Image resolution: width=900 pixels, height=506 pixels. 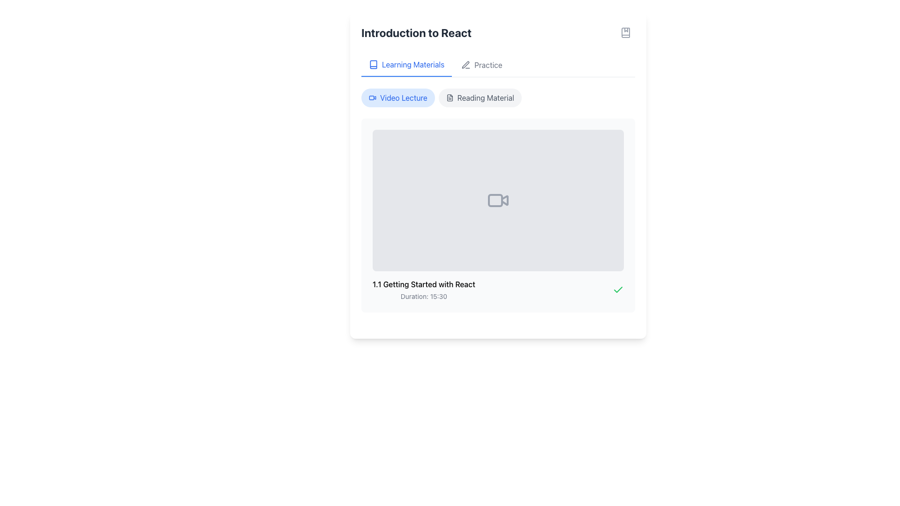 I want to click on the 'Learning Materials' button, which is the first button in a row of options at the top-left of the main content section, so click(x=406, y=64).